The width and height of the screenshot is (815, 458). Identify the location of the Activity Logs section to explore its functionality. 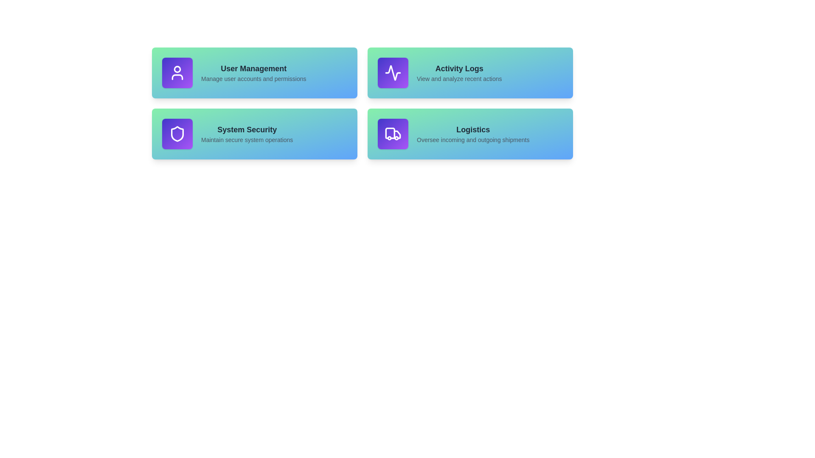
(470, 73).